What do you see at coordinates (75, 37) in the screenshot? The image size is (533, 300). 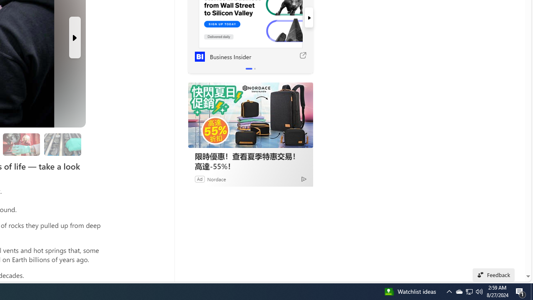 I see `'Next Slide'` at bounding box center [75, 37].